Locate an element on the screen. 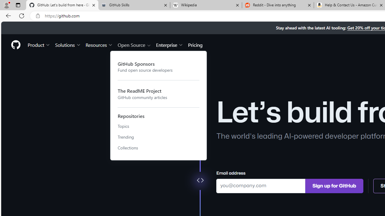 This screenshot has height=216, width=385. 'The ReadME ProjectGitHub community articles' is located at coordinates (159, 94).